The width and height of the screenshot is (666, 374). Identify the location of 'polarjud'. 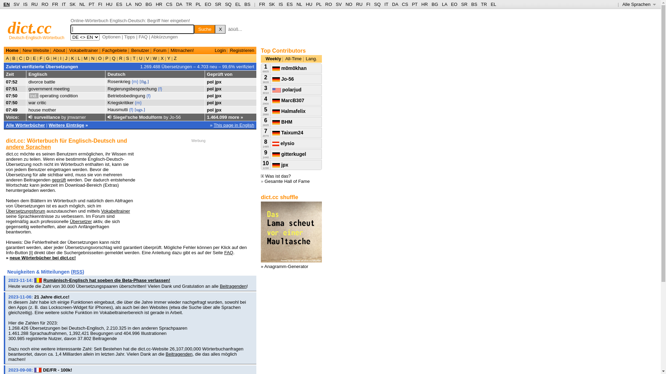
(287, 89).